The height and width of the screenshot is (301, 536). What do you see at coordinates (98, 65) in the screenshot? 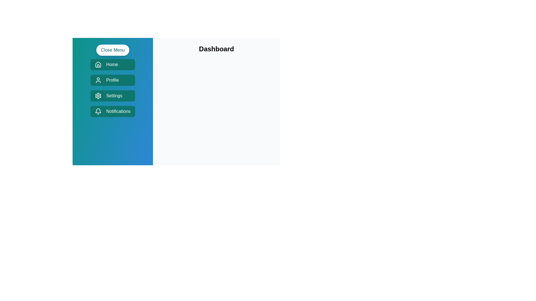
I see `the rectangle shape at the base of the house icon, which is part of the 'Home' menu item in the vertical sidebar` at bounding box center [98, 65].